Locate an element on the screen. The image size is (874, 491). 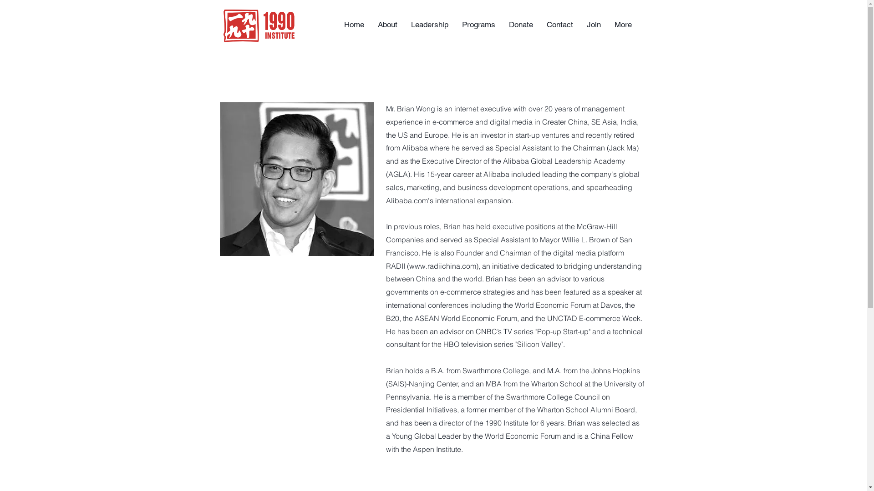
'Leadership' is located at coordinates (429, 24).